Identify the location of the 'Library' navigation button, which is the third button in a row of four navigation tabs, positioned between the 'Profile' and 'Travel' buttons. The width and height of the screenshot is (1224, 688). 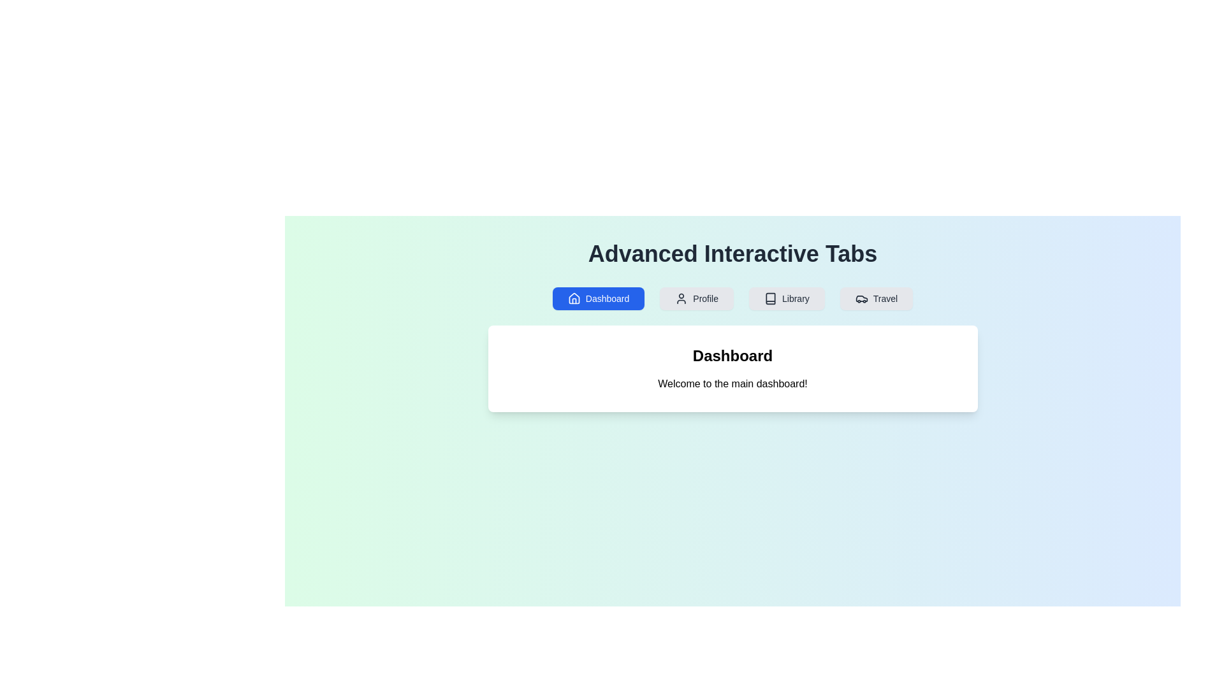
(786, 299).